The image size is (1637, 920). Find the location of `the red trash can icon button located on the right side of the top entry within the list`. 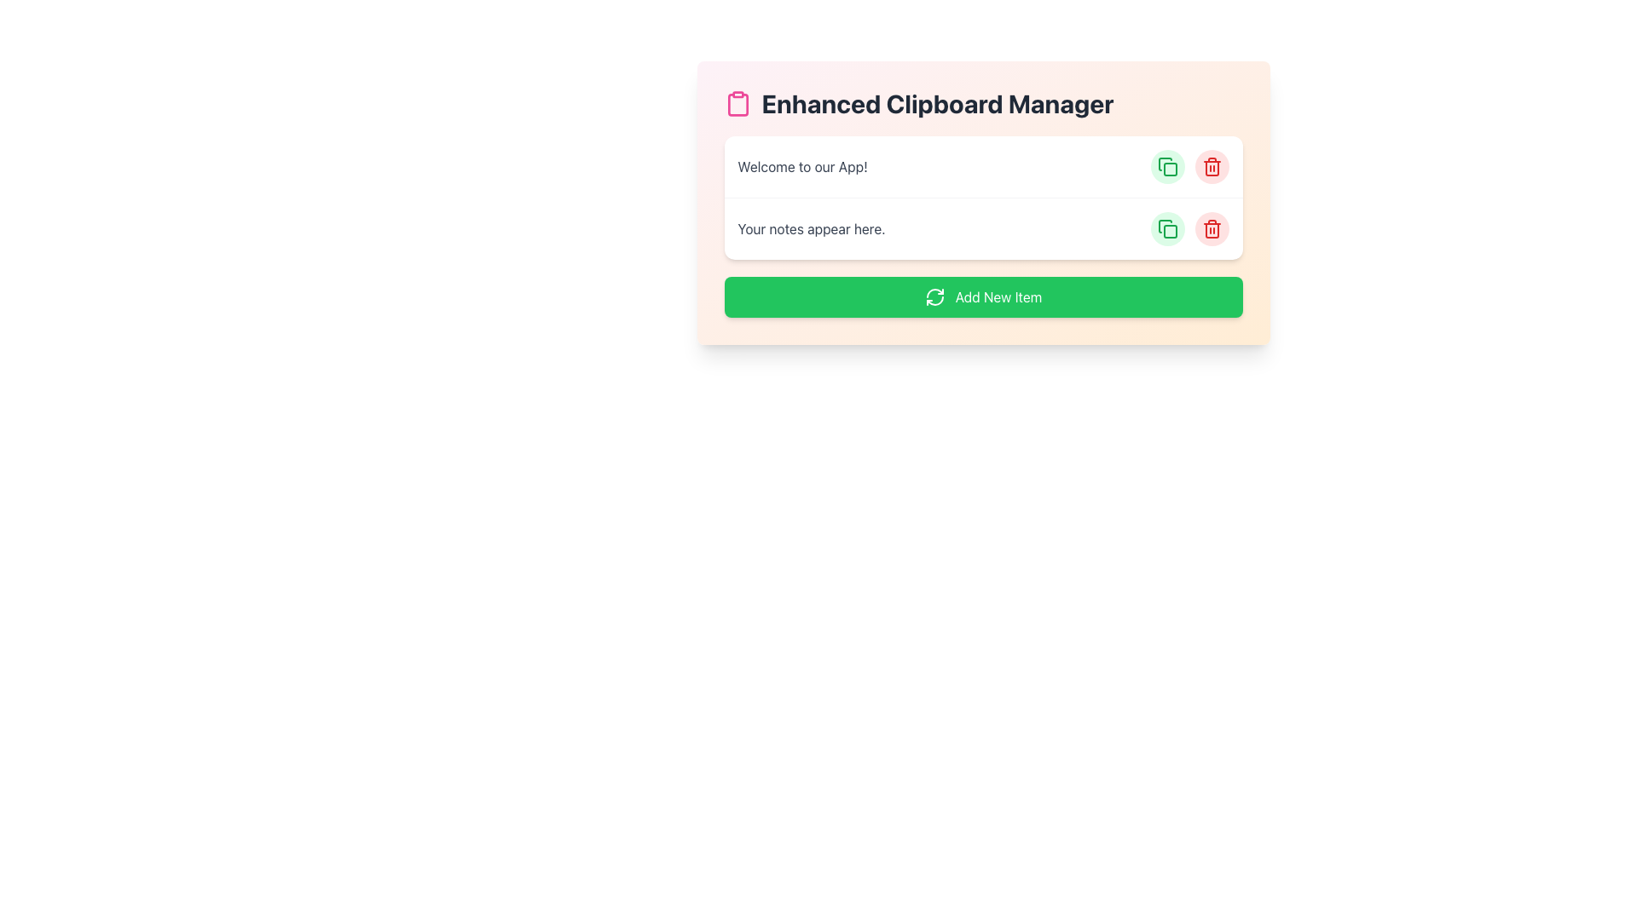

the red trash can icon button located on the right side of the top entry within the list is located at coordinates (1211, 167).